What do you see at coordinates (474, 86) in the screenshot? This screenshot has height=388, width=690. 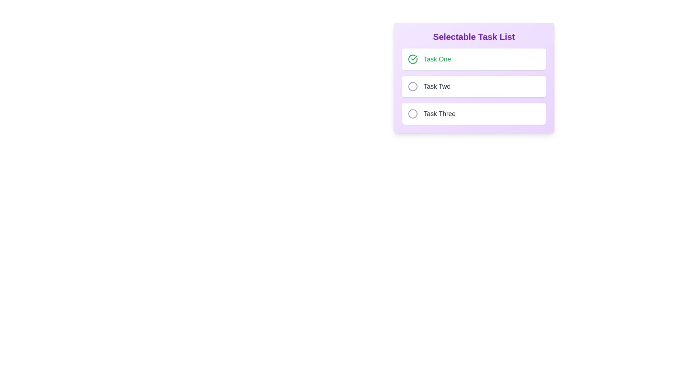 I see `the selectable list item with radio button labeled 'Task Two'` at bounding box center [474, 86].